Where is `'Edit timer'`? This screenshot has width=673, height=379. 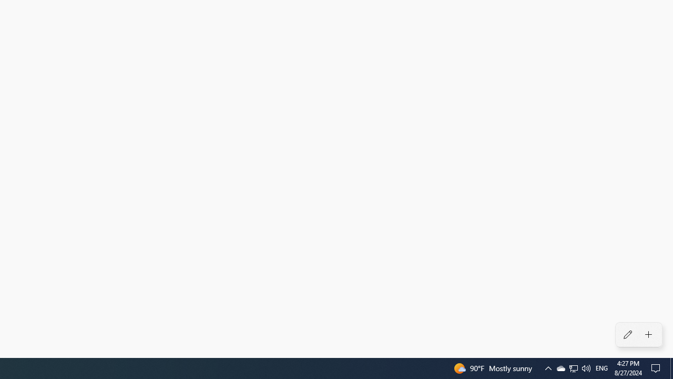
'Edit timer' is located at coordinates (627, 335).